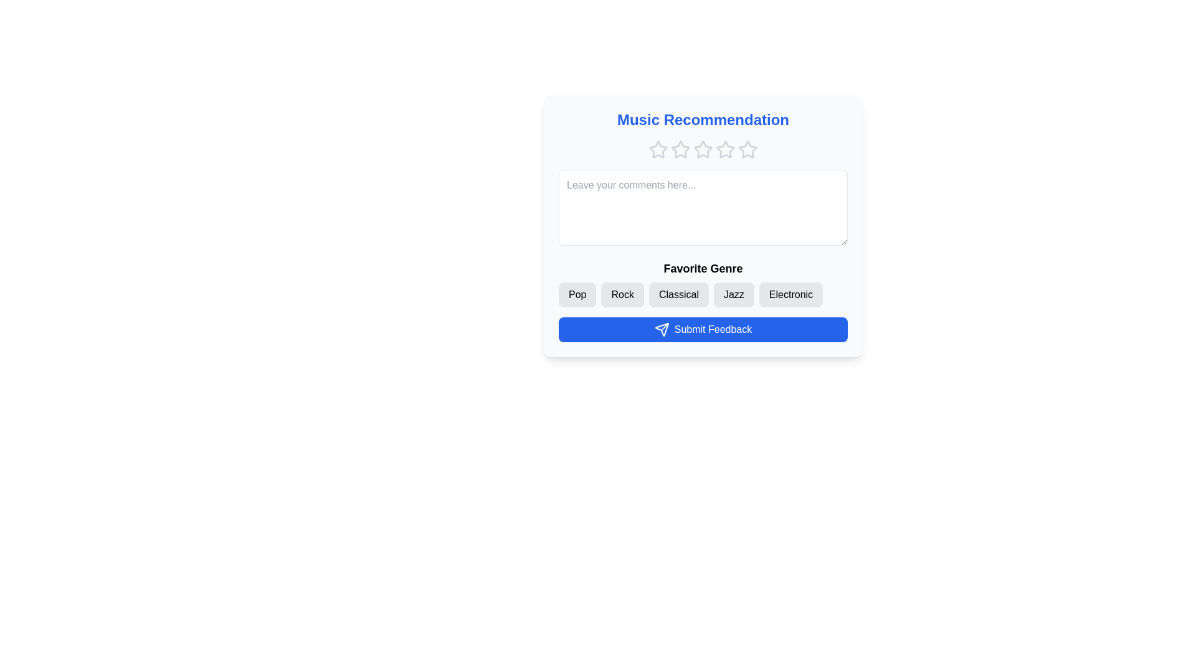  I want to click on the stars in the Rating Component located beneath the 'Music Recommendation' text, so click(703, 149).